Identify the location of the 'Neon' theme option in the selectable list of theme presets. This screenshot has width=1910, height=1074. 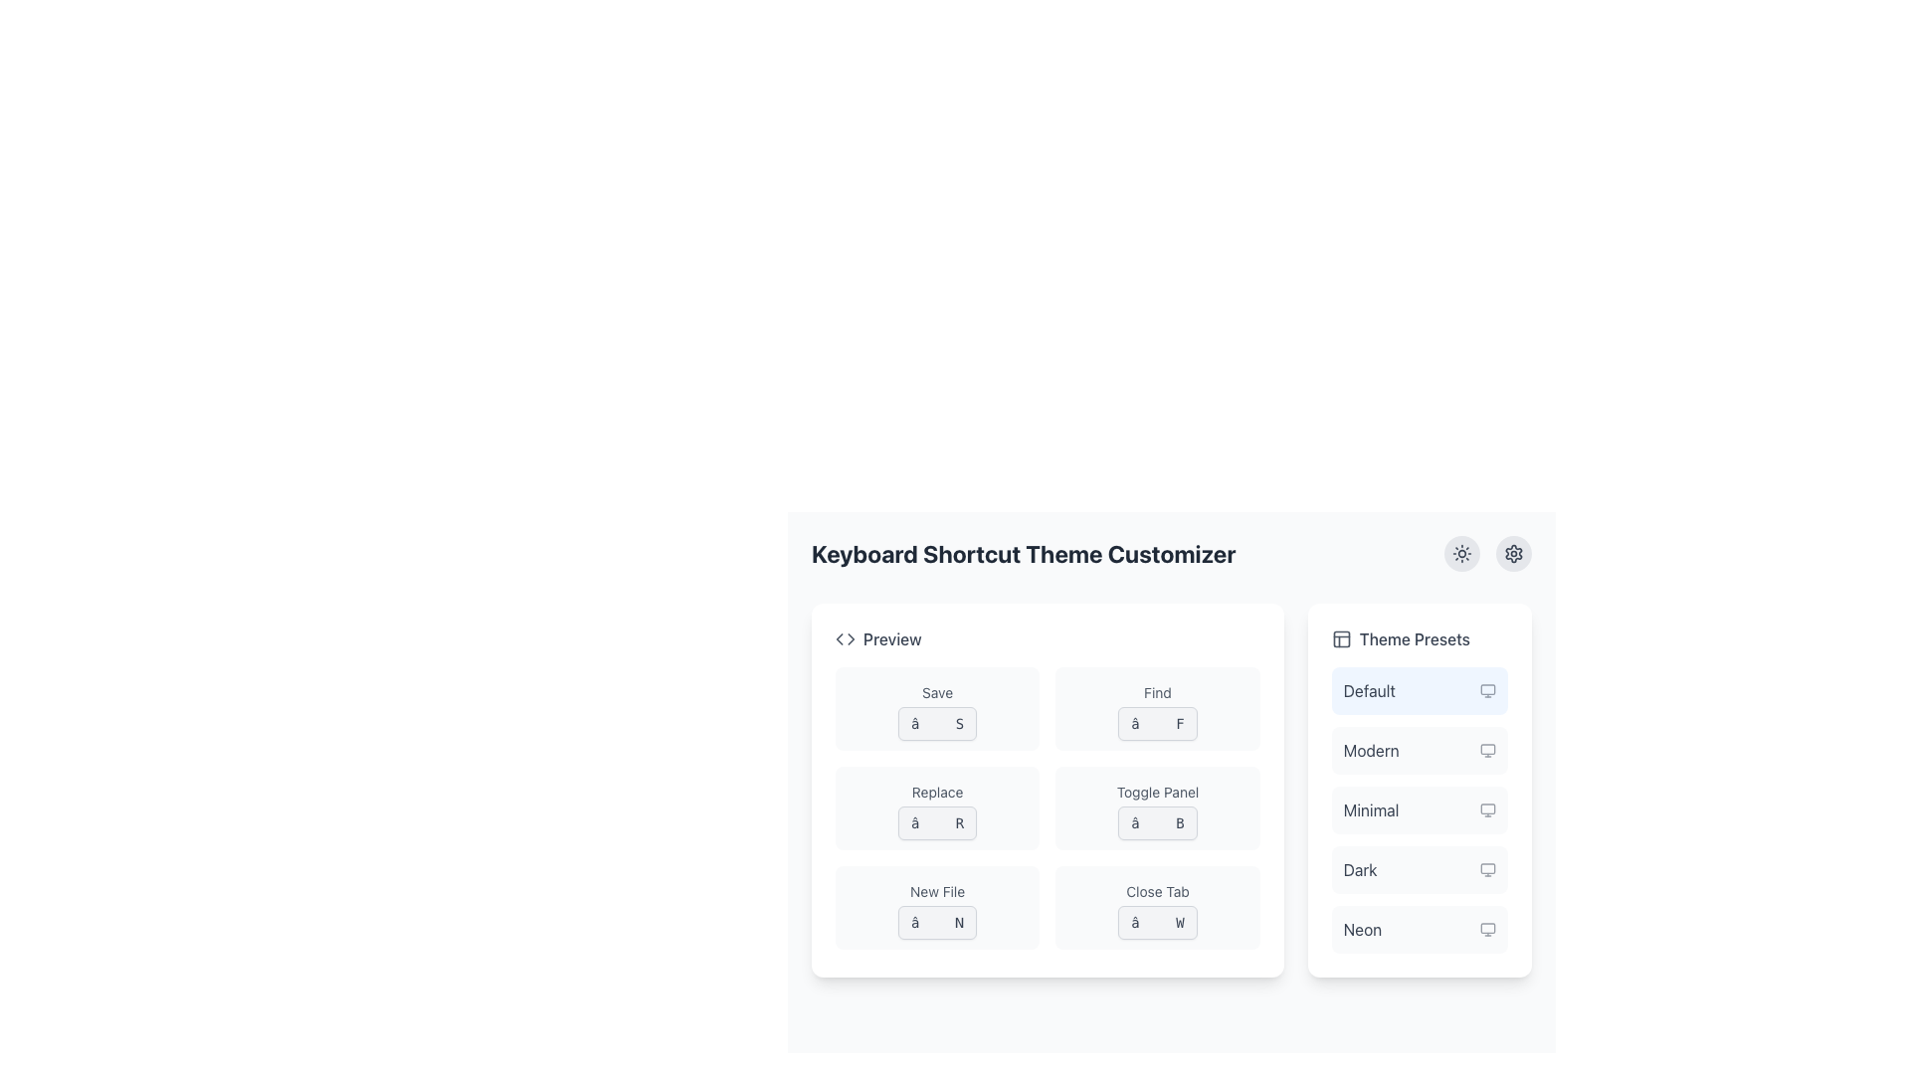
(1419, 929).